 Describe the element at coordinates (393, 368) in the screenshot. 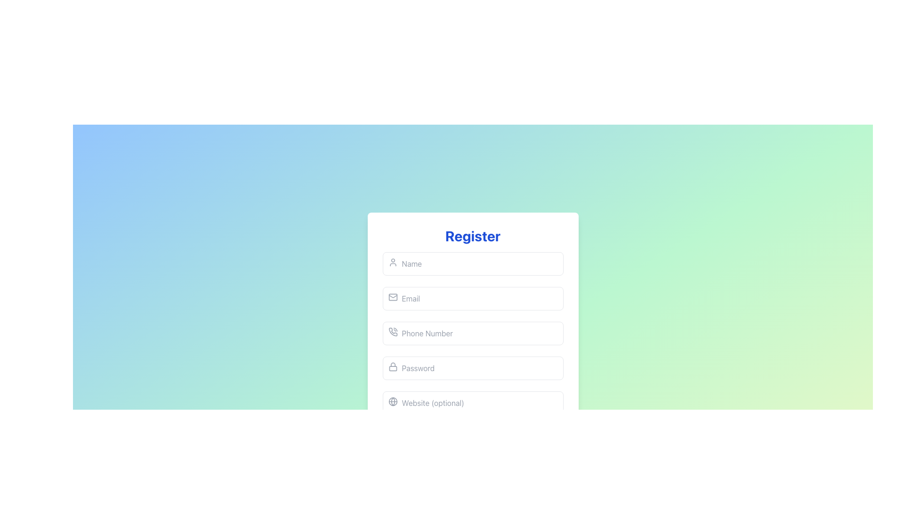

I see `the larger rounded rectangle that forms the lower part of the lock icon located to the left of the password input field` at that location.